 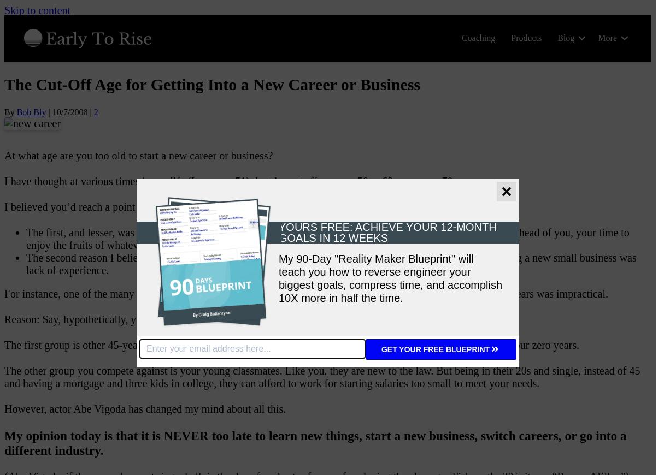 I want to click on 'At what age are you too old to start a new career or business?', so click(x=138, y=155).